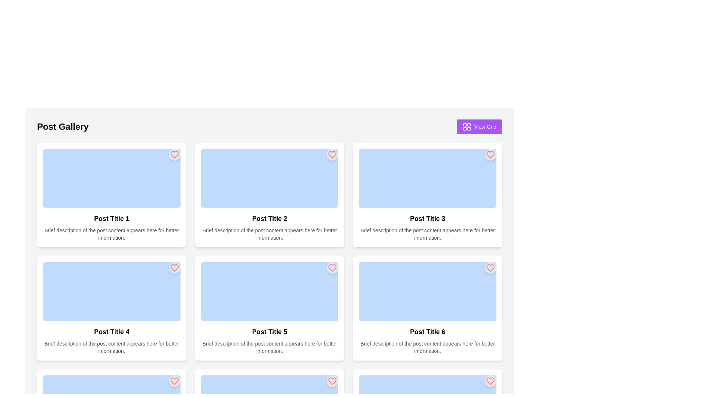  I want to click on the heart-shaped 'like' indicator located in the top-right corner of the card labeled 'Post Title 4', so click(174, 268).